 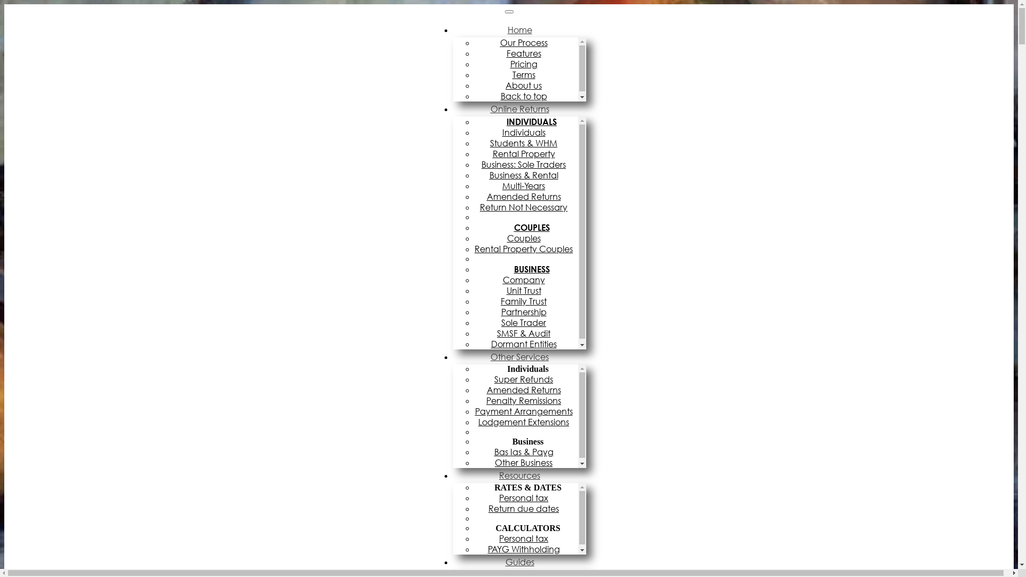 What do you see at coordinates (526, 227) in the screenshot?
I see `'COUPLES'` at bounding box center [526, 227].